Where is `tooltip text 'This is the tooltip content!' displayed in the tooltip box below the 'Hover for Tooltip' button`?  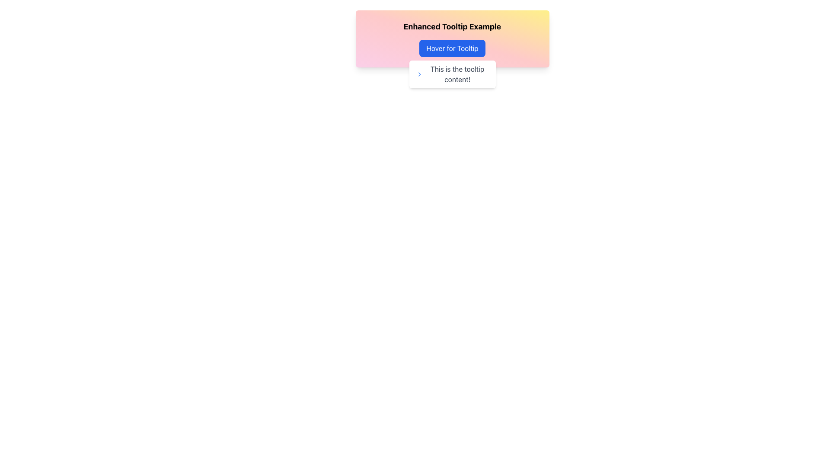 tooltip text 'This is the tooltip content!' displayed in the tooltip box below the 'Hover for Tooltip' button is located at coordinates (452, 74).